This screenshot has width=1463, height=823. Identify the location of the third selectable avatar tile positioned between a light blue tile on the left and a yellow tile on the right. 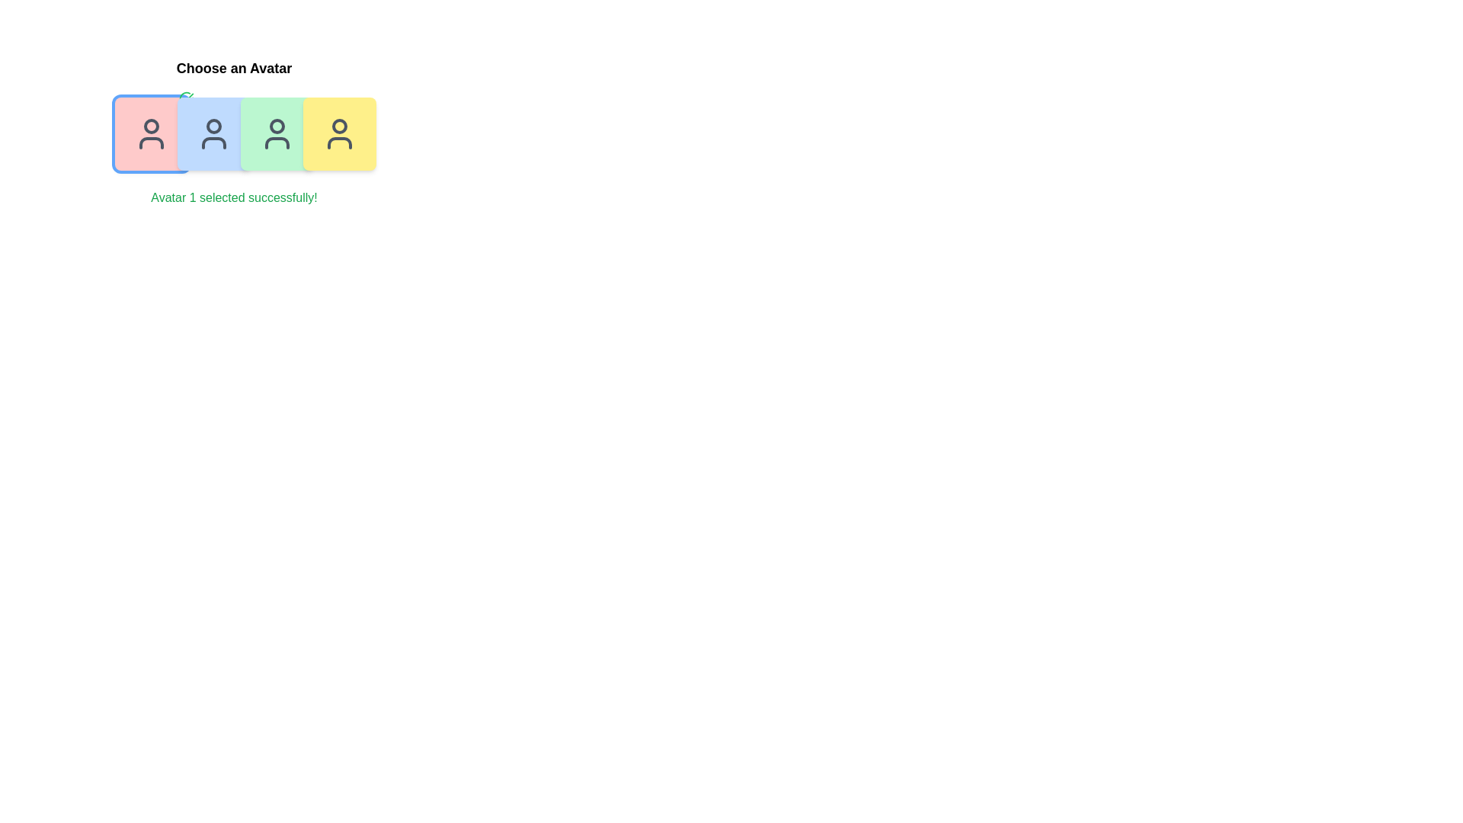
(277, 133).